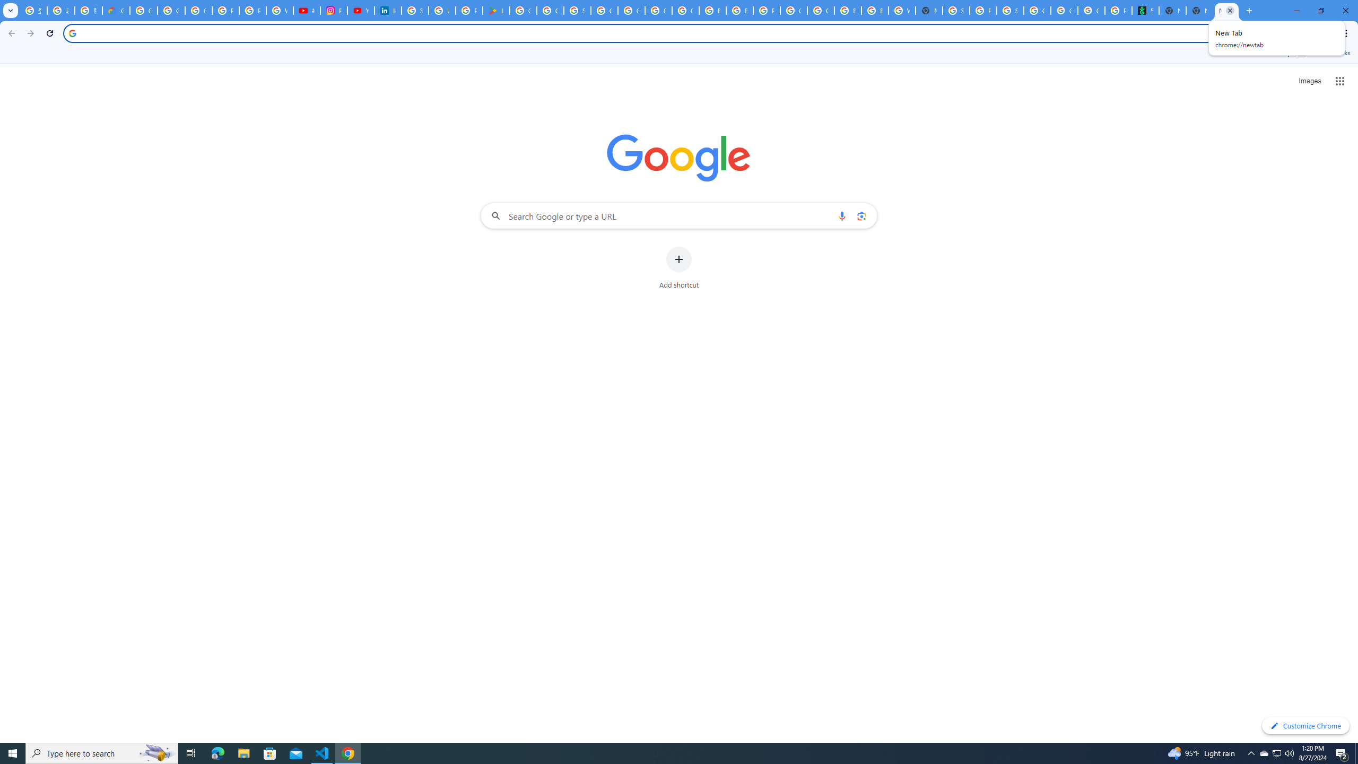 The width and height of the screenshot is (1358, 764). What do you see at coordinates (874, 10) in the screenshot?
I see `'Browse Chrome as a guest - Computer - Google Chrome Help'` at bounding box center [874, 10].